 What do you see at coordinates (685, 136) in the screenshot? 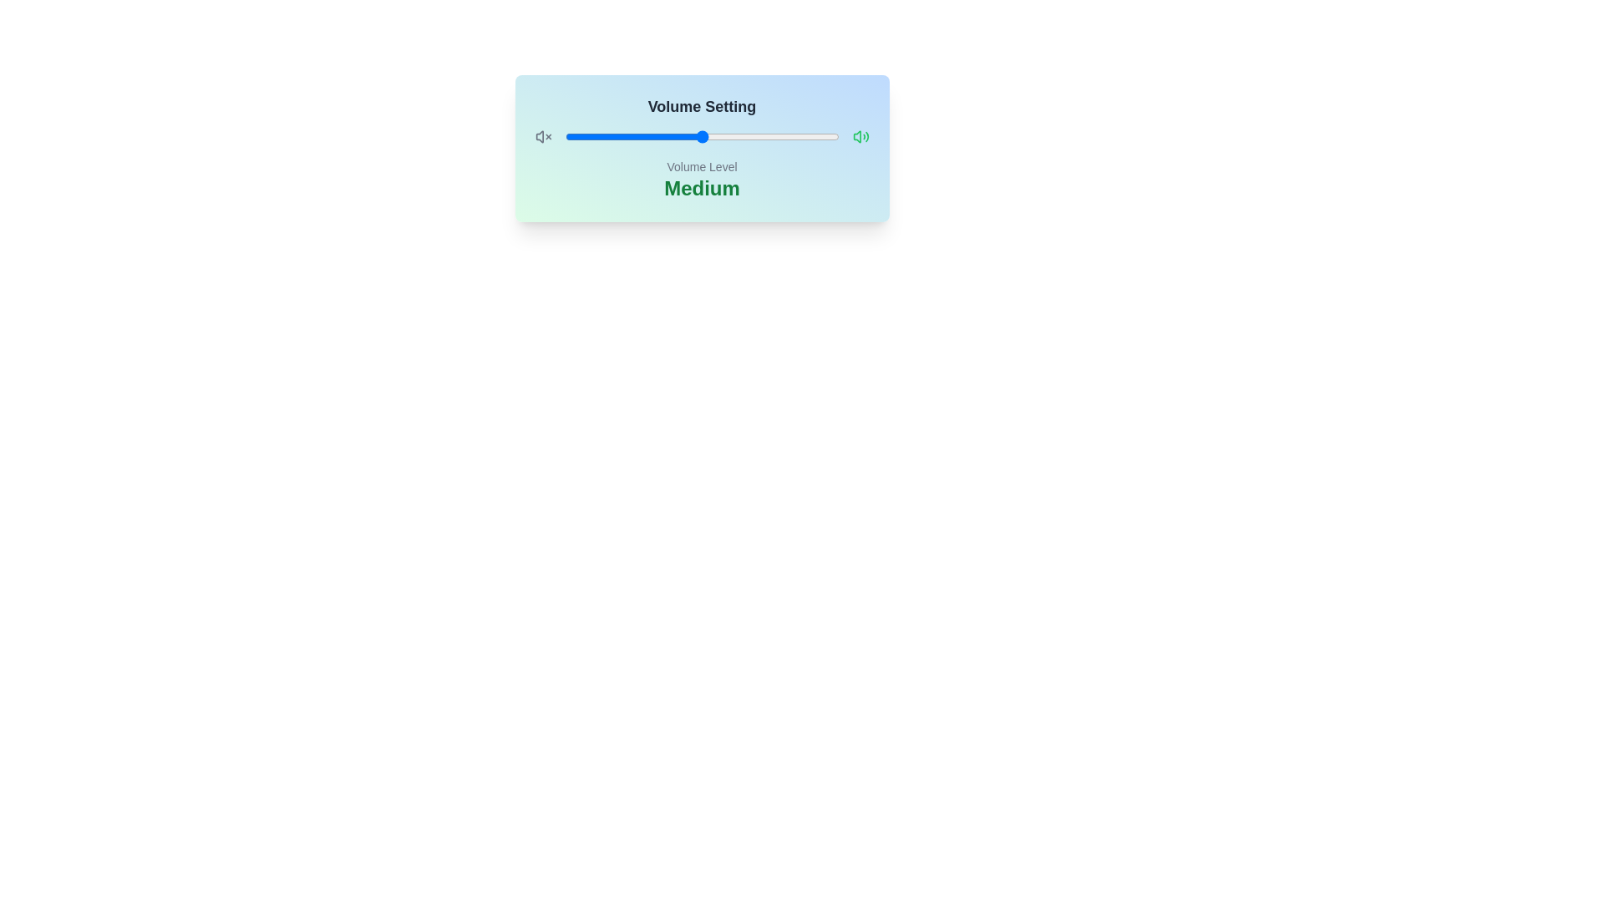
I see `the volume slider to 44%` at bounding box center [685, 136].